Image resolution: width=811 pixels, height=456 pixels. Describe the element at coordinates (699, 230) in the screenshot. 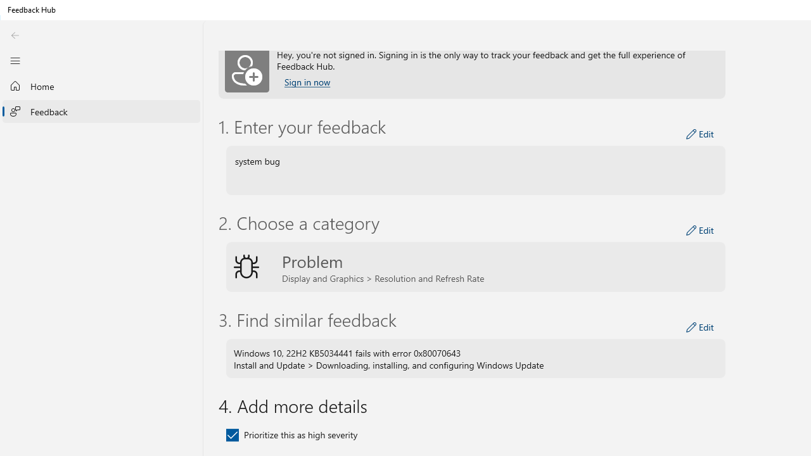

I see `'Edit feedback type and category'` at that location.